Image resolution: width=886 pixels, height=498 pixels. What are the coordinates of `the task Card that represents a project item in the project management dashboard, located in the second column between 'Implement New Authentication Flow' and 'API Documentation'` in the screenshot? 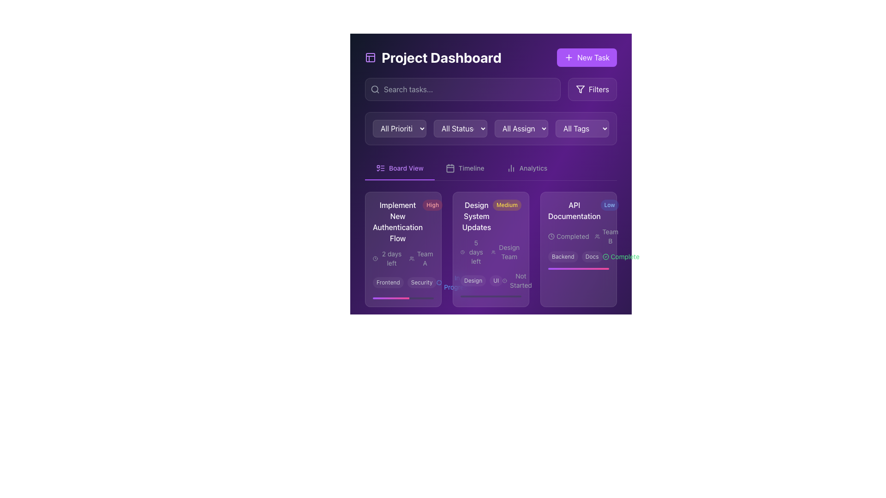 It's located at (491, 249).